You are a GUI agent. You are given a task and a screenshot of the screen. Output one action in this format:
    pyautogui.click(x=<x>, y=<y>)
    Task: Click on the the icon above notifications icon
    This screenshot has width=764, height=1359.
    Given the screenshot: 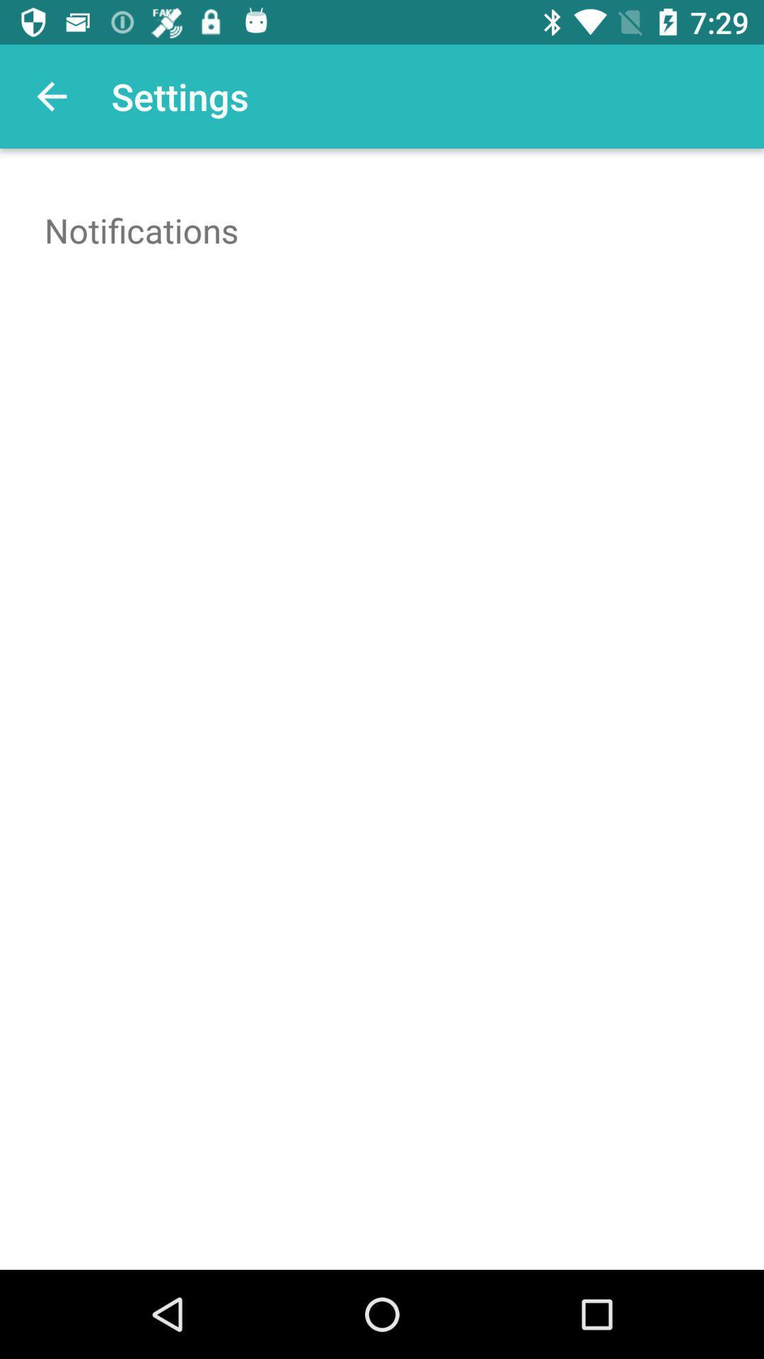 What is the action you would take?
    pyautogui.click(x=51, y=96)
    